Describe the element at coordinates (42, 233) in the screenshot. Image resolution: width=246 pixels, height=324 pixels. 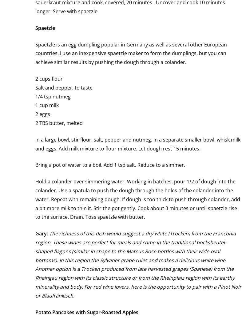
I see `'Gary:'` at that location.